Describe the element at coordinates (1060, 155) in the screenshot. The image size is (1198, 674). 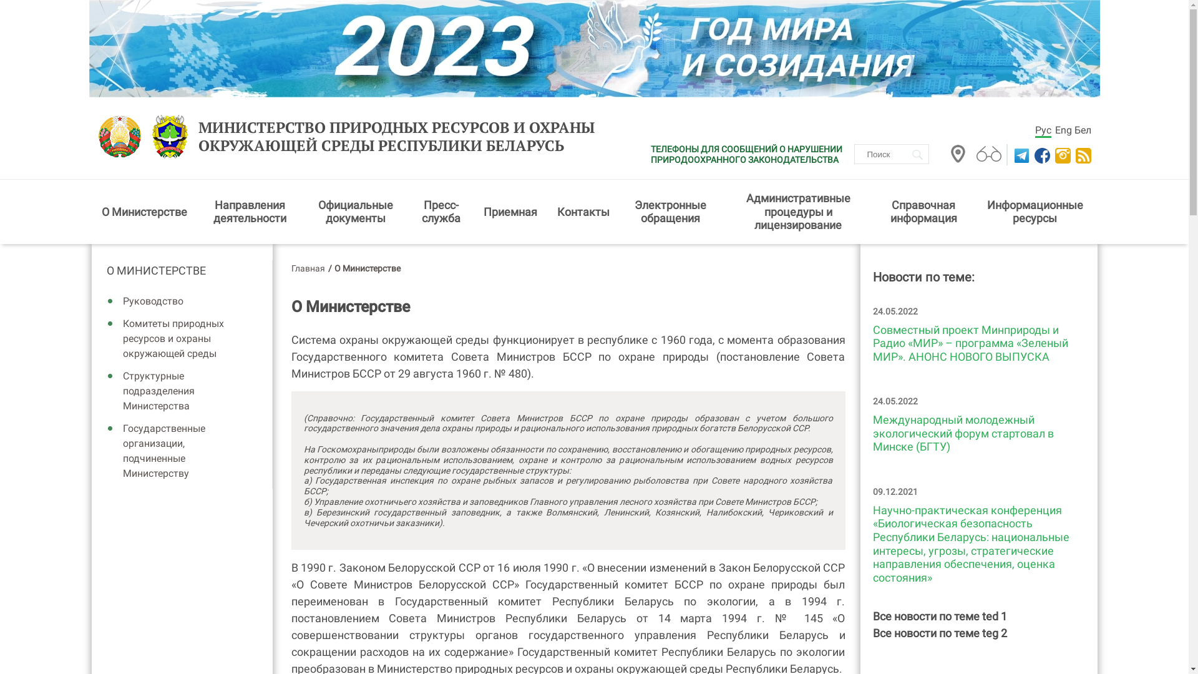
I see `'Instagram'` at that location.